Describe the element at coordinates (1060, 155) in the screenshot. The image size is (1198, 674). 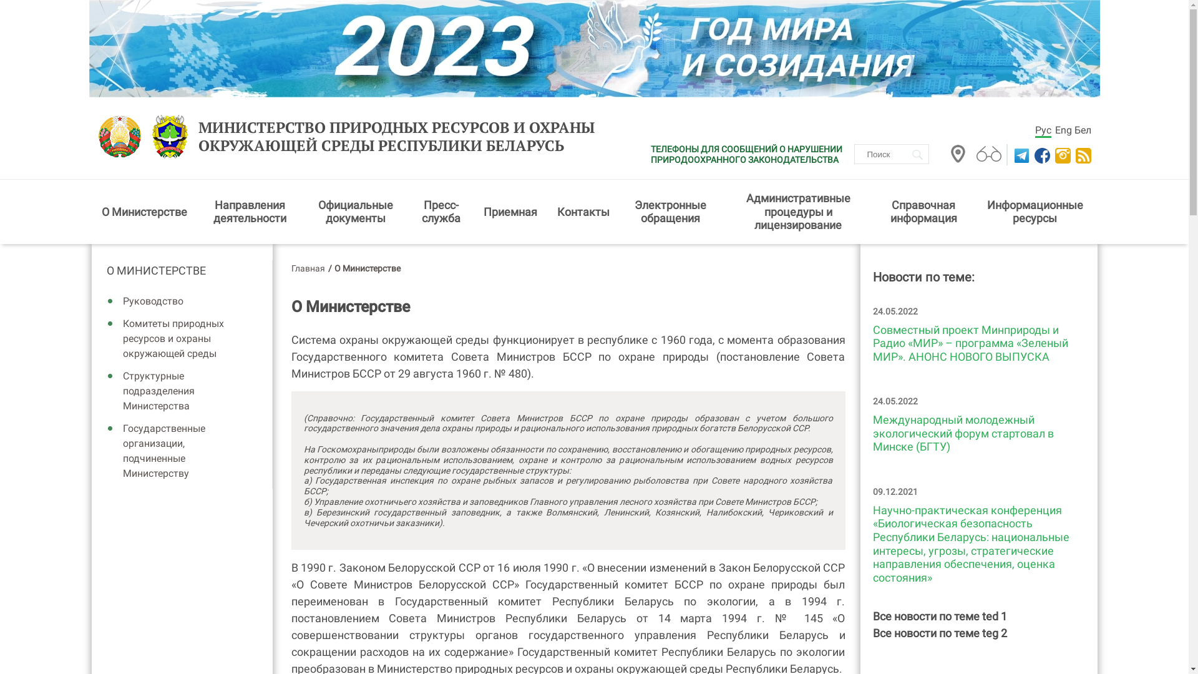
I see `'Instagram'` at that location.